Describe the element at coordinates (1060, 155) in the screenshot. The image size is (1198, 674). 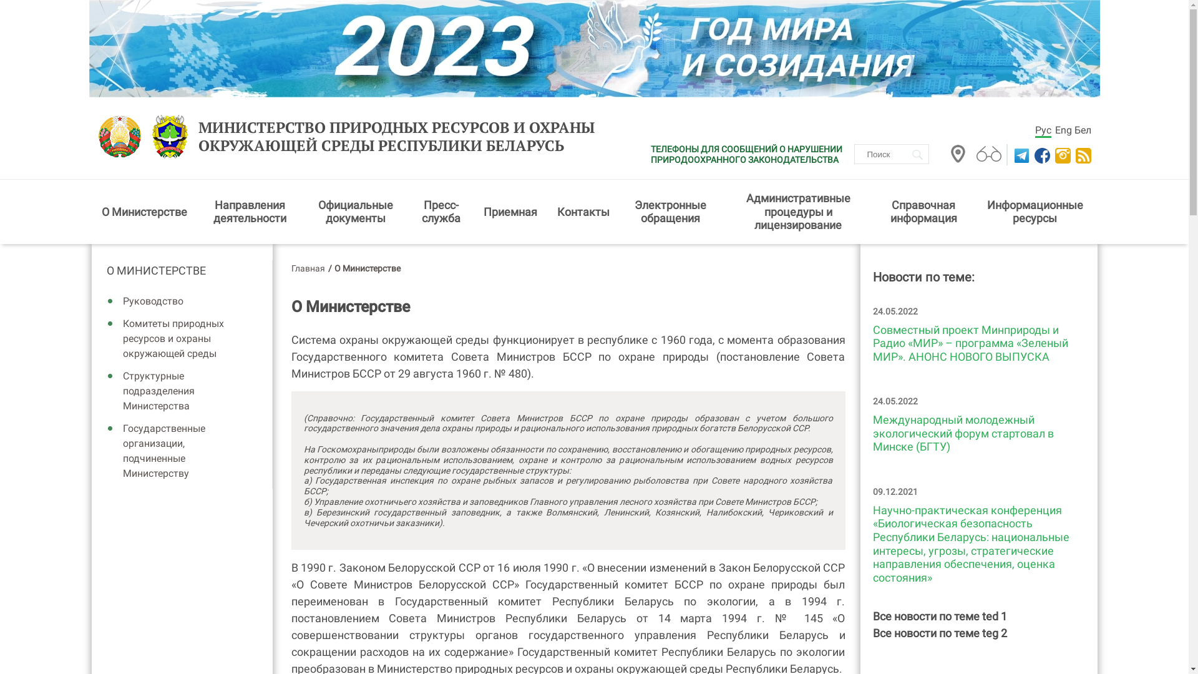
I see `'Instagram'` at that location.